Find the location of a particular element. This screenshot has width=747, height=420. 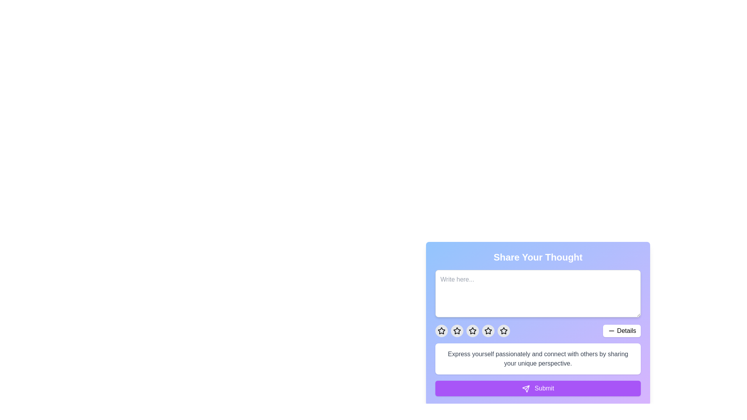

the 'Details' button located at the bottom-right corner of the layout is located at coordinates (621, 331).